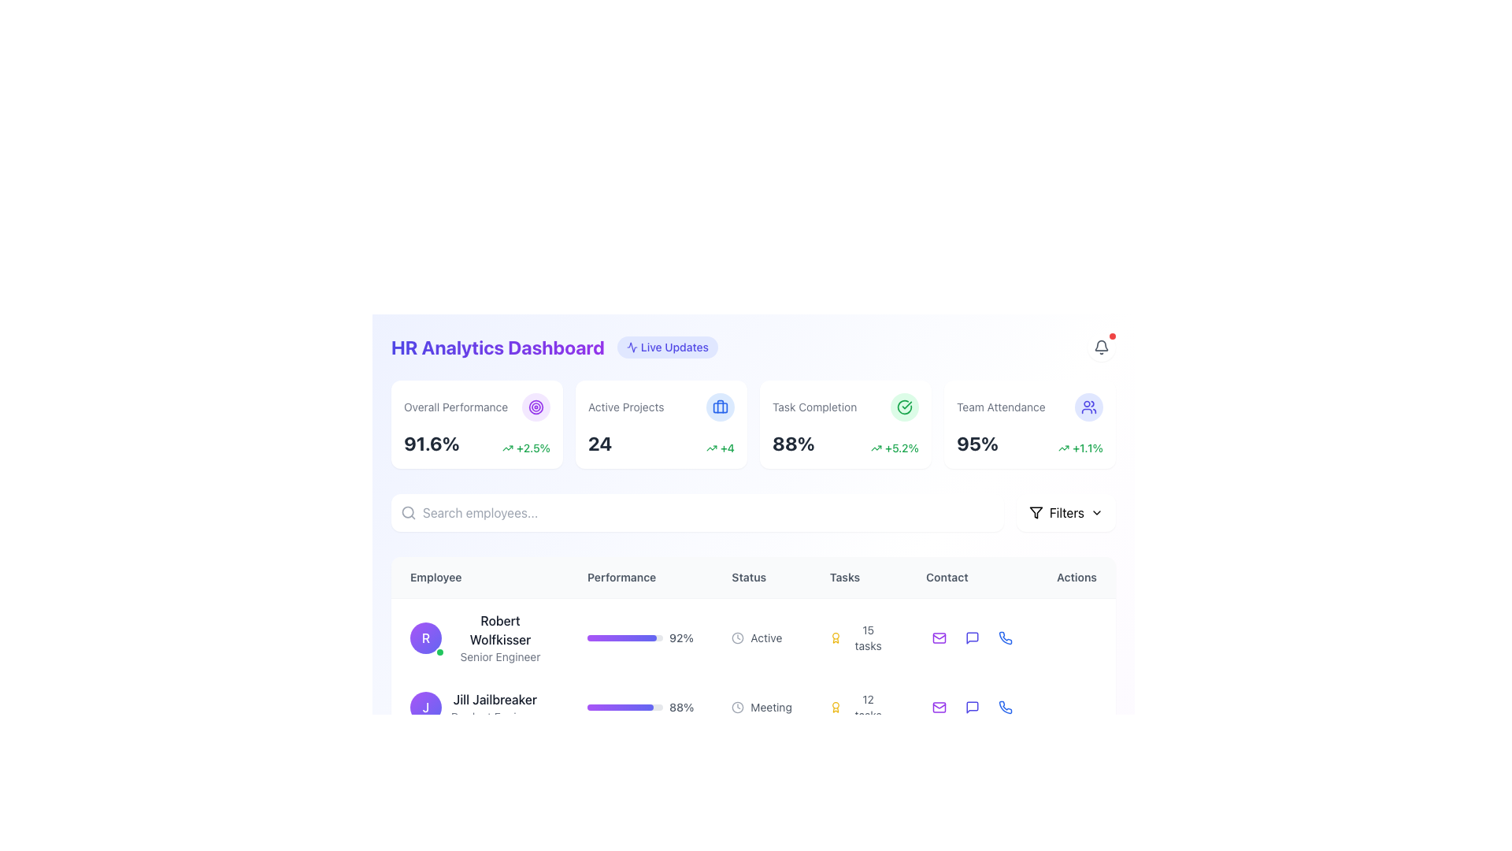 This screenshot has width=1512, height=851. Describe the element at coordinates (479, 707) in the screenshot. I see `employee identifier element for Jill Jailbreaker, which features a circular purple icon with the initial 'J' and two lines of text, by clicking on it` at that location.